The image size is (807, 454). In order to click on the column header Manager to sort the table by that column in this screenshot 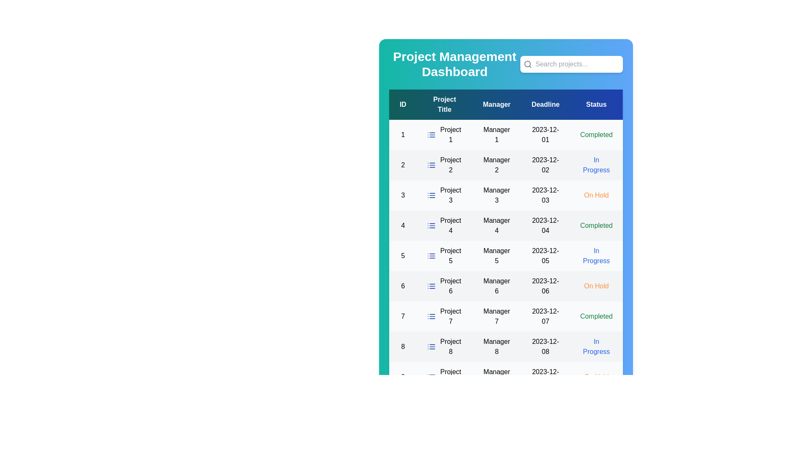, I will do `click(496, 104)`.